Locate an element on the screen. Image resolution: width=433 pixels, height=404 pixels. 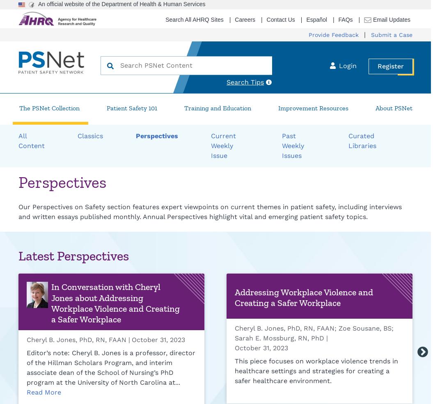
'In Conversation with Cheryl Jones about Addressing Workplace Violence and Creating a Safer Workplace' is located at coordinates (115, 303).